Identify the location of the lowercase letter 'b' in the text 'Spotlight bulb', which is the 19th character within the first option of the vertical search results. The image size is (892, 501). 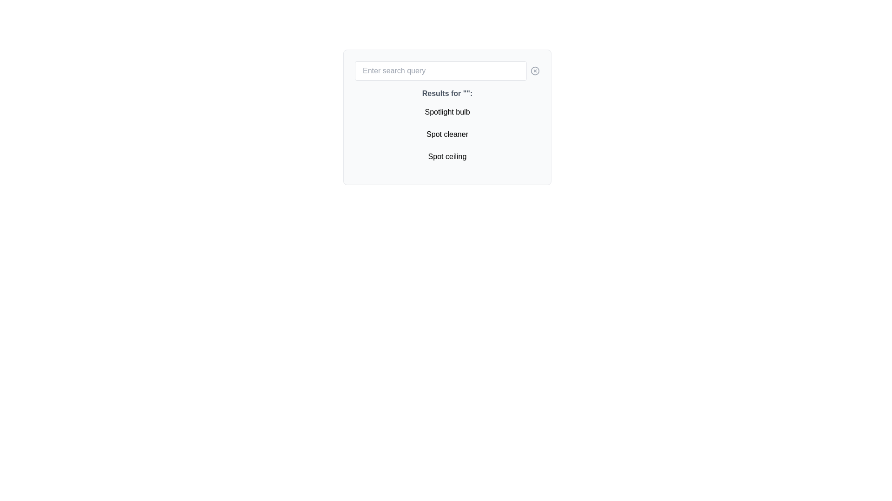
(458, 111).